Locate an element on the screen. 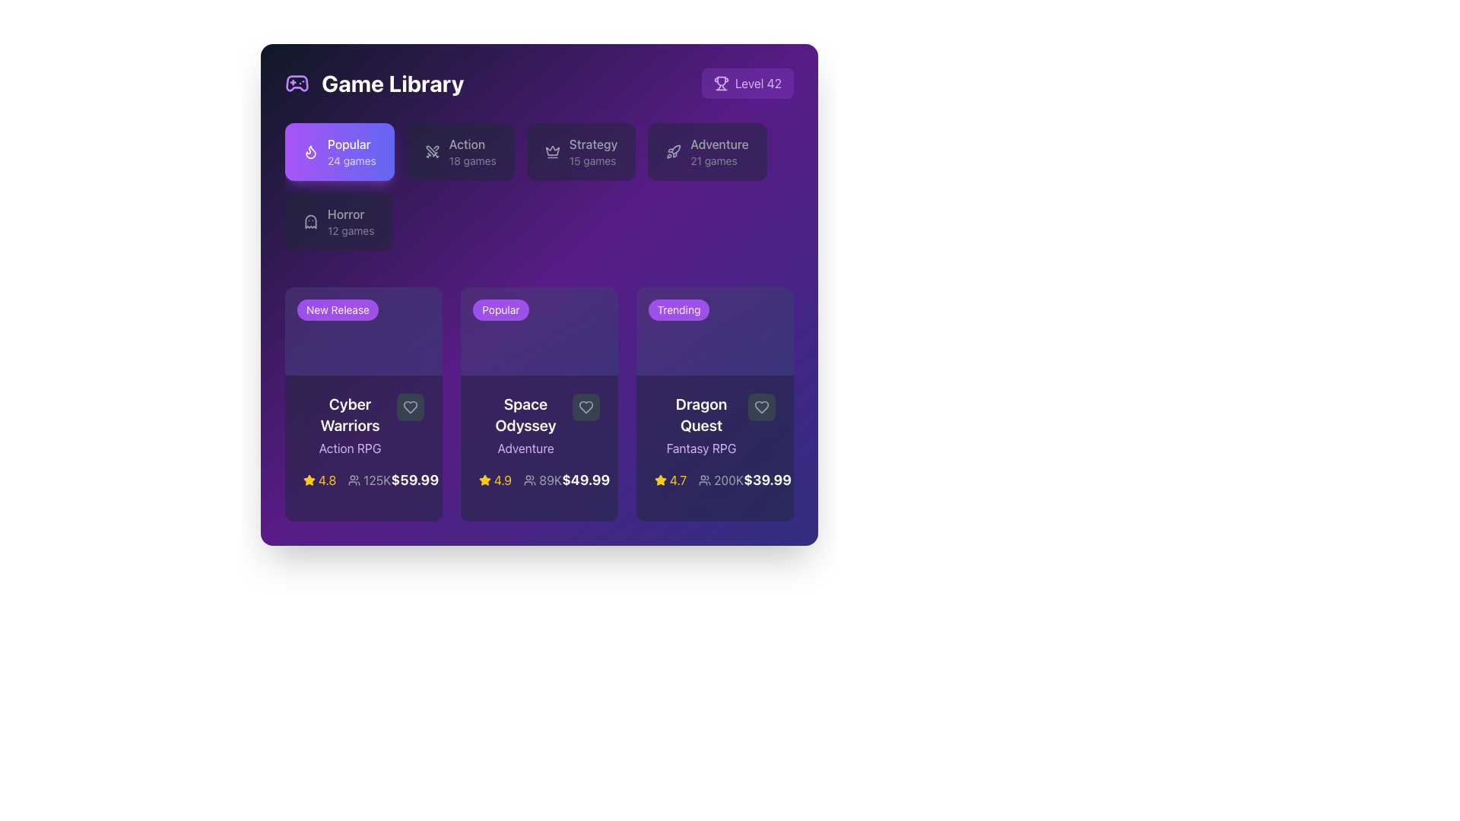 The height and width of the screenshot is (821, 1460). the 'Game Library' headline element, which features large, bold white text and a purple gamepad icon on its left, located in the upper-left section of the interface is located at coordinates (374, 84).